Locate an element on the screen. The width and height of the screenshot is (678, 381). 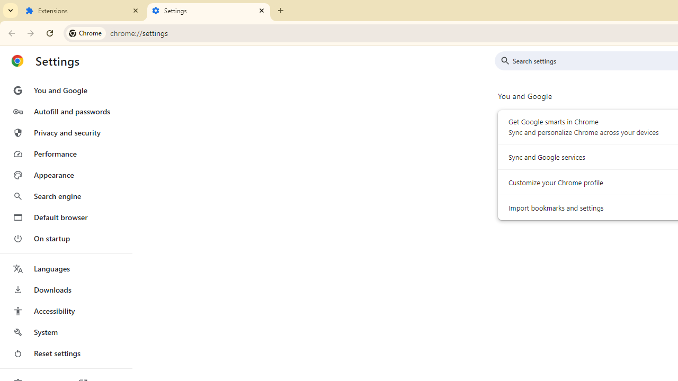
'Performance' is located at coordinates (65, 153).